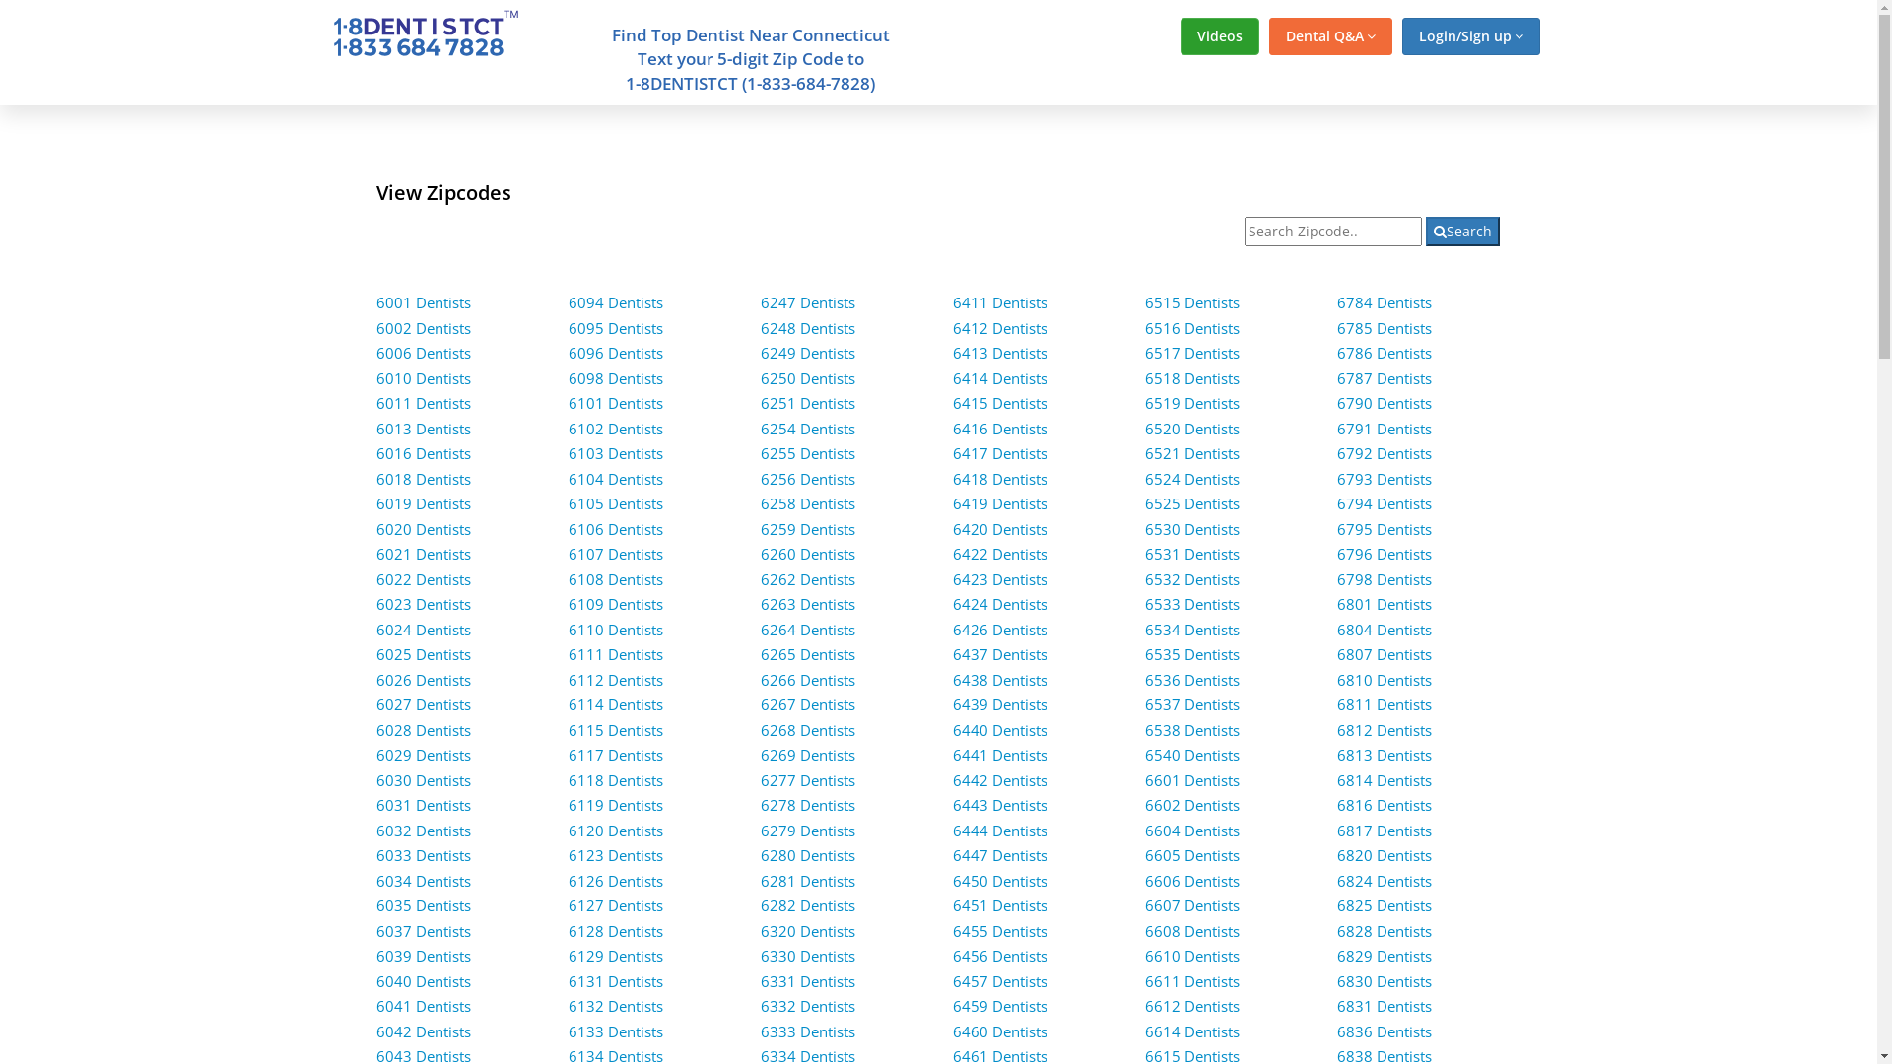 The height and width of the screenshot is (1064, 1892). I want to click on '6114 Dentists', so click(614, 702).